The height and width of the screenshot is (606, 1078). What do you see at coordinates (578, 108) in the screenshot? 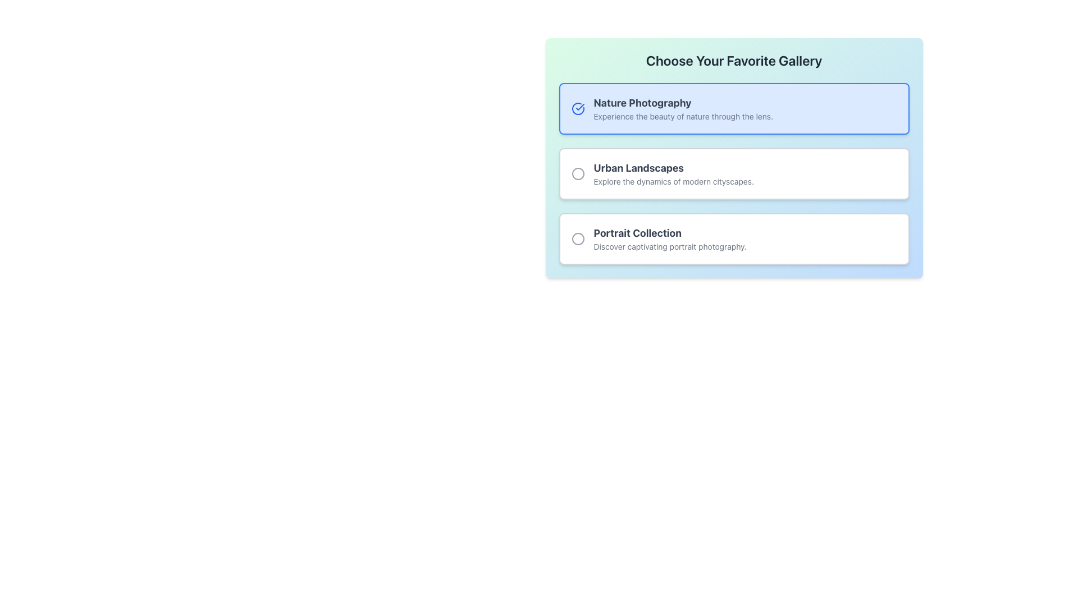
I see `the blue checkmark icon styled as an SVG, located to the left of the text 'Nature Photography Experience the beauty of nature through the lens.'` at bounding box center [578, 108].